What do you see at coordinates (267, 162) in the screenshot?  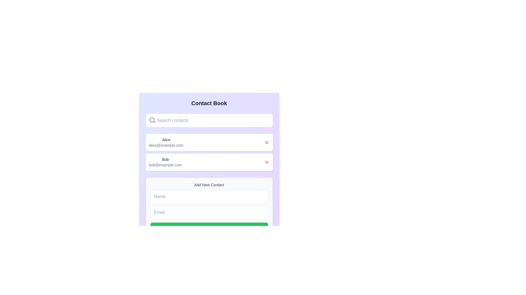 I see `the prominent red 'X' icon button` at bounding box center [267, 162].